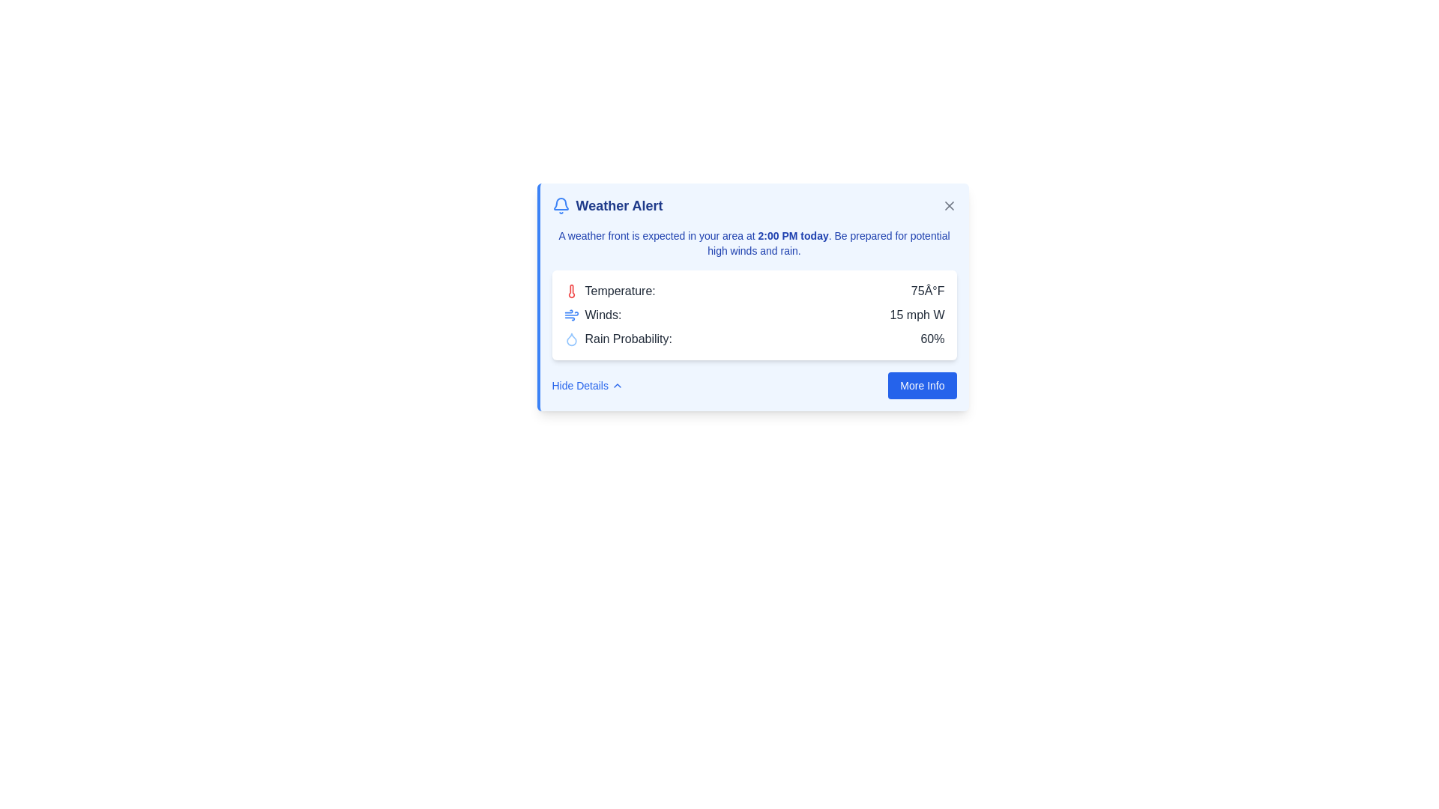 The height and width of the screenshot is (809, 1439). I want to click on the blue notification bell icon with a minimalist outline design located to the left of the 'Weather Alert' text, so click(560, 205).